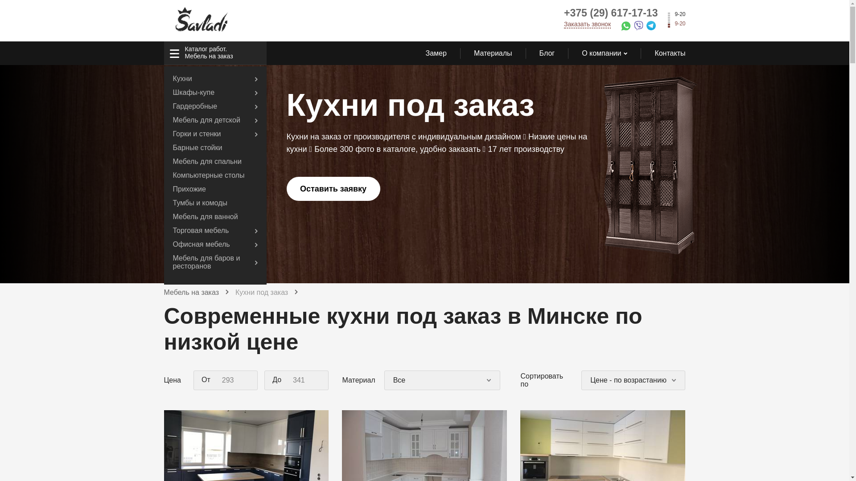 The width and height of the screenshot is (856, 481). I want to click on '+375 (29) 617-17-13', so click(610, 13).